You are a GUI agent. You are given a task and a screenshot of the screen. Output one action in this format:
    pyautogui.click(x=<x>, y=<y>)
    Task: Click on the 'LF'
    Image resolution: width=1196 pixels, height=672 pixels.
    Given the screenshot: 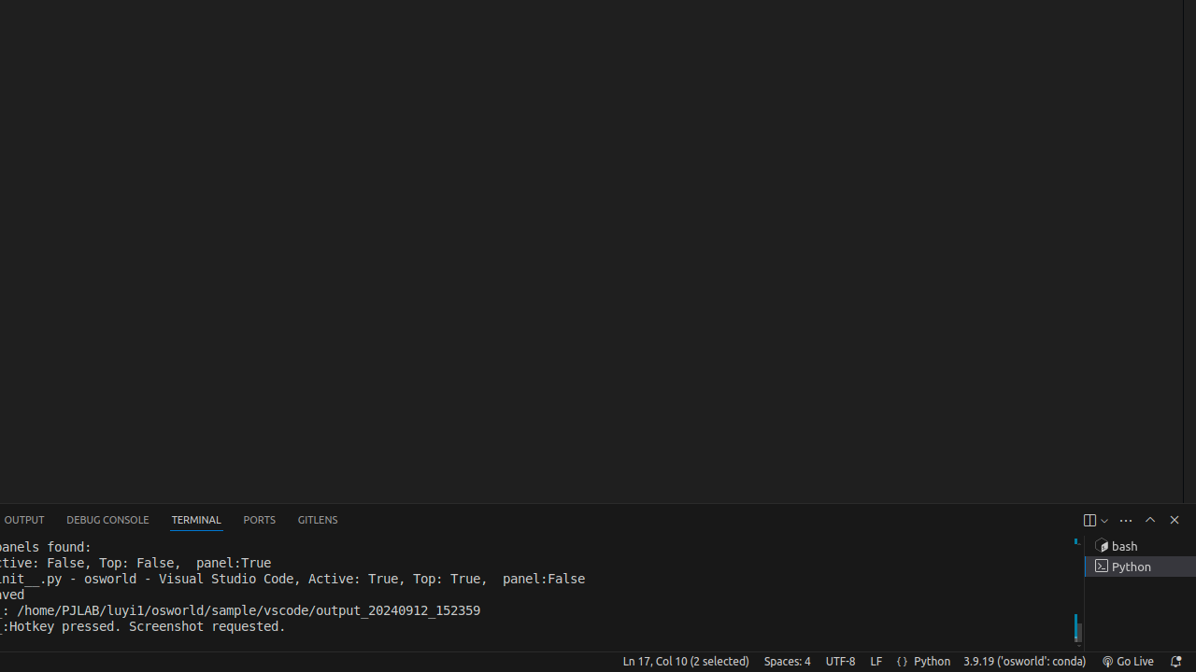 What is the action you would take?
    pyautogui.click(x=875, y=660)
    